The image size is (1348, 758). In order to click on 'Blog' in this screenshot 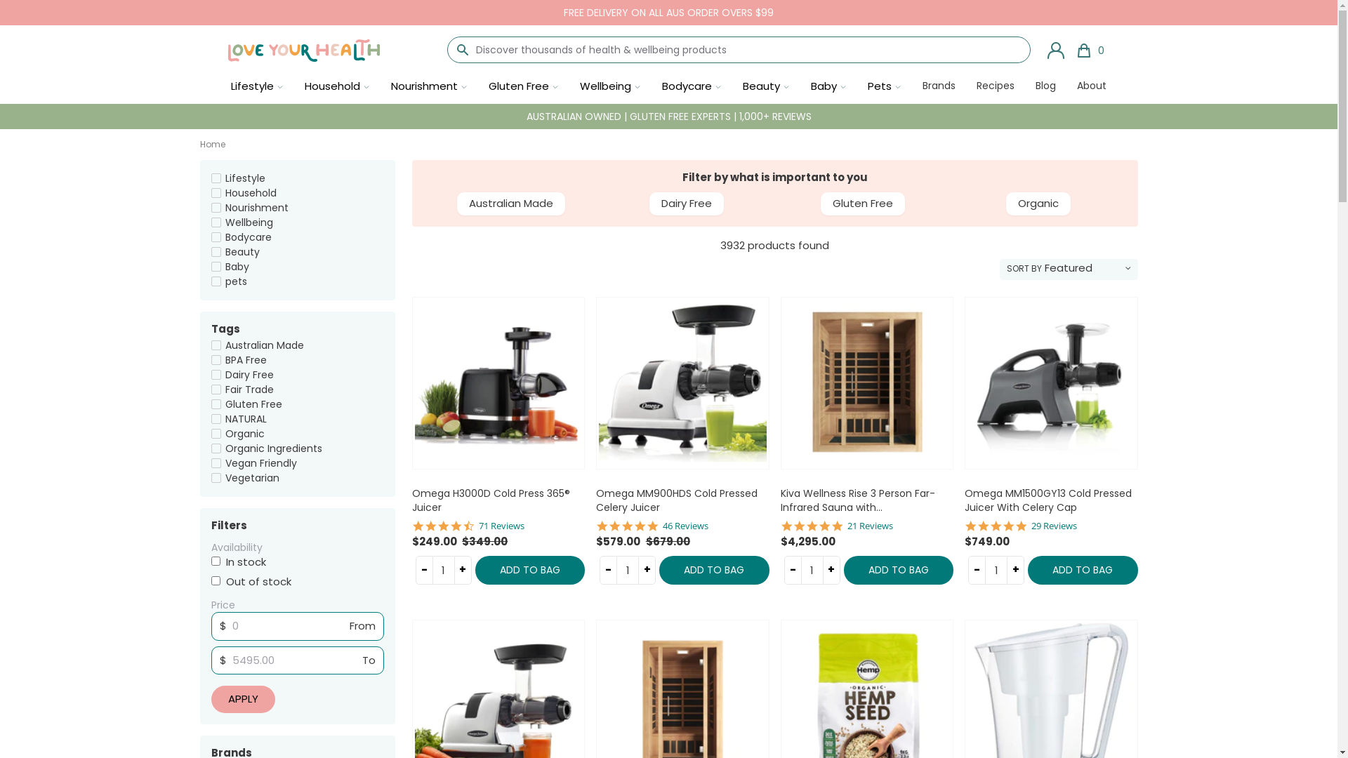, I will do `click(1045, 86)`.